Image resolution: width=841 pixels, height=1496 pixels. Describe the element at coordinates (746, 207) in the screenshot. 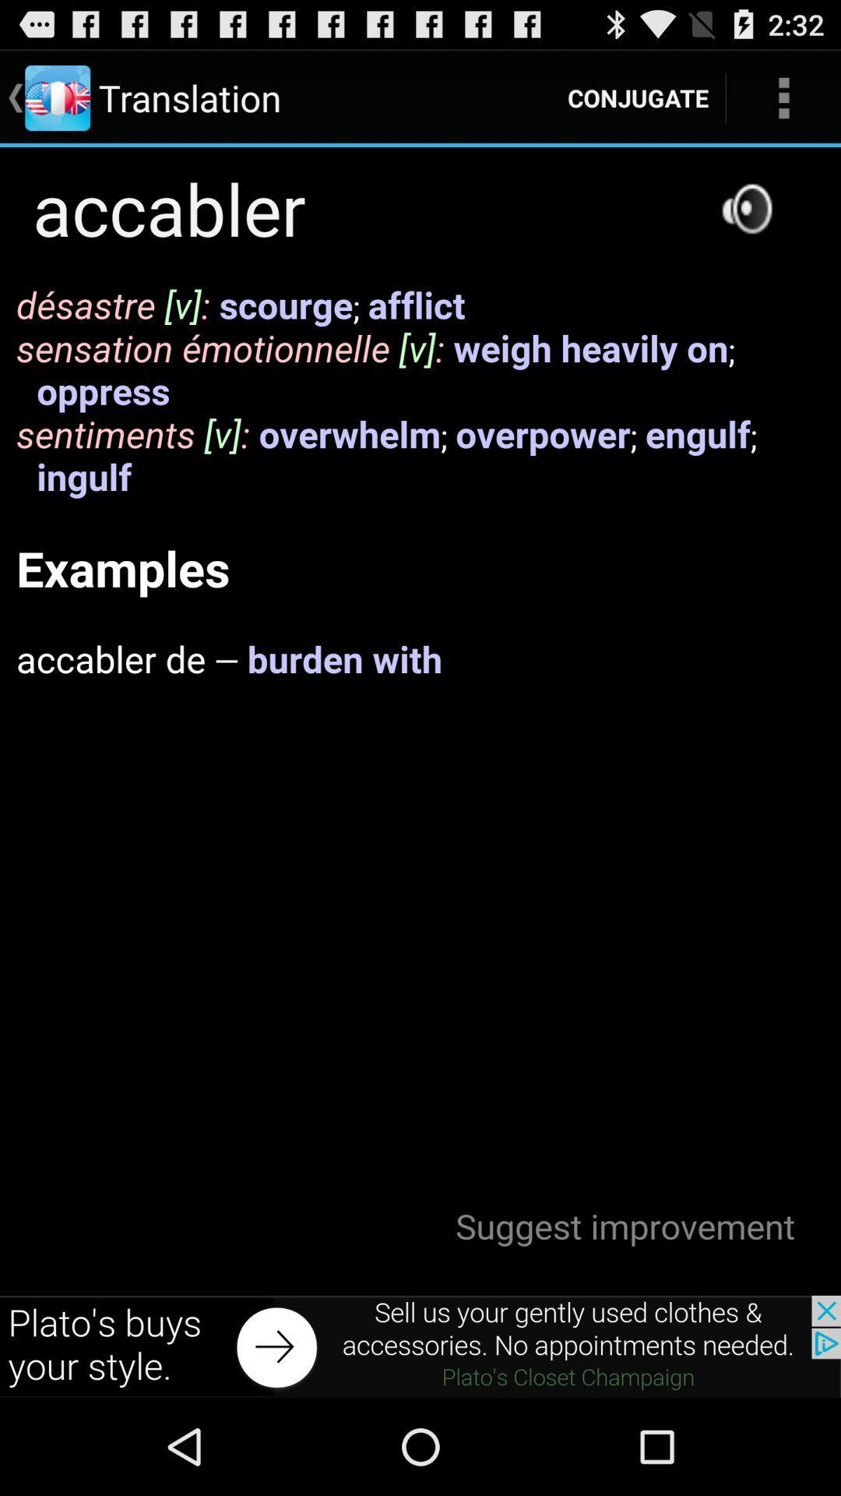

I see `click for volume` at that location.